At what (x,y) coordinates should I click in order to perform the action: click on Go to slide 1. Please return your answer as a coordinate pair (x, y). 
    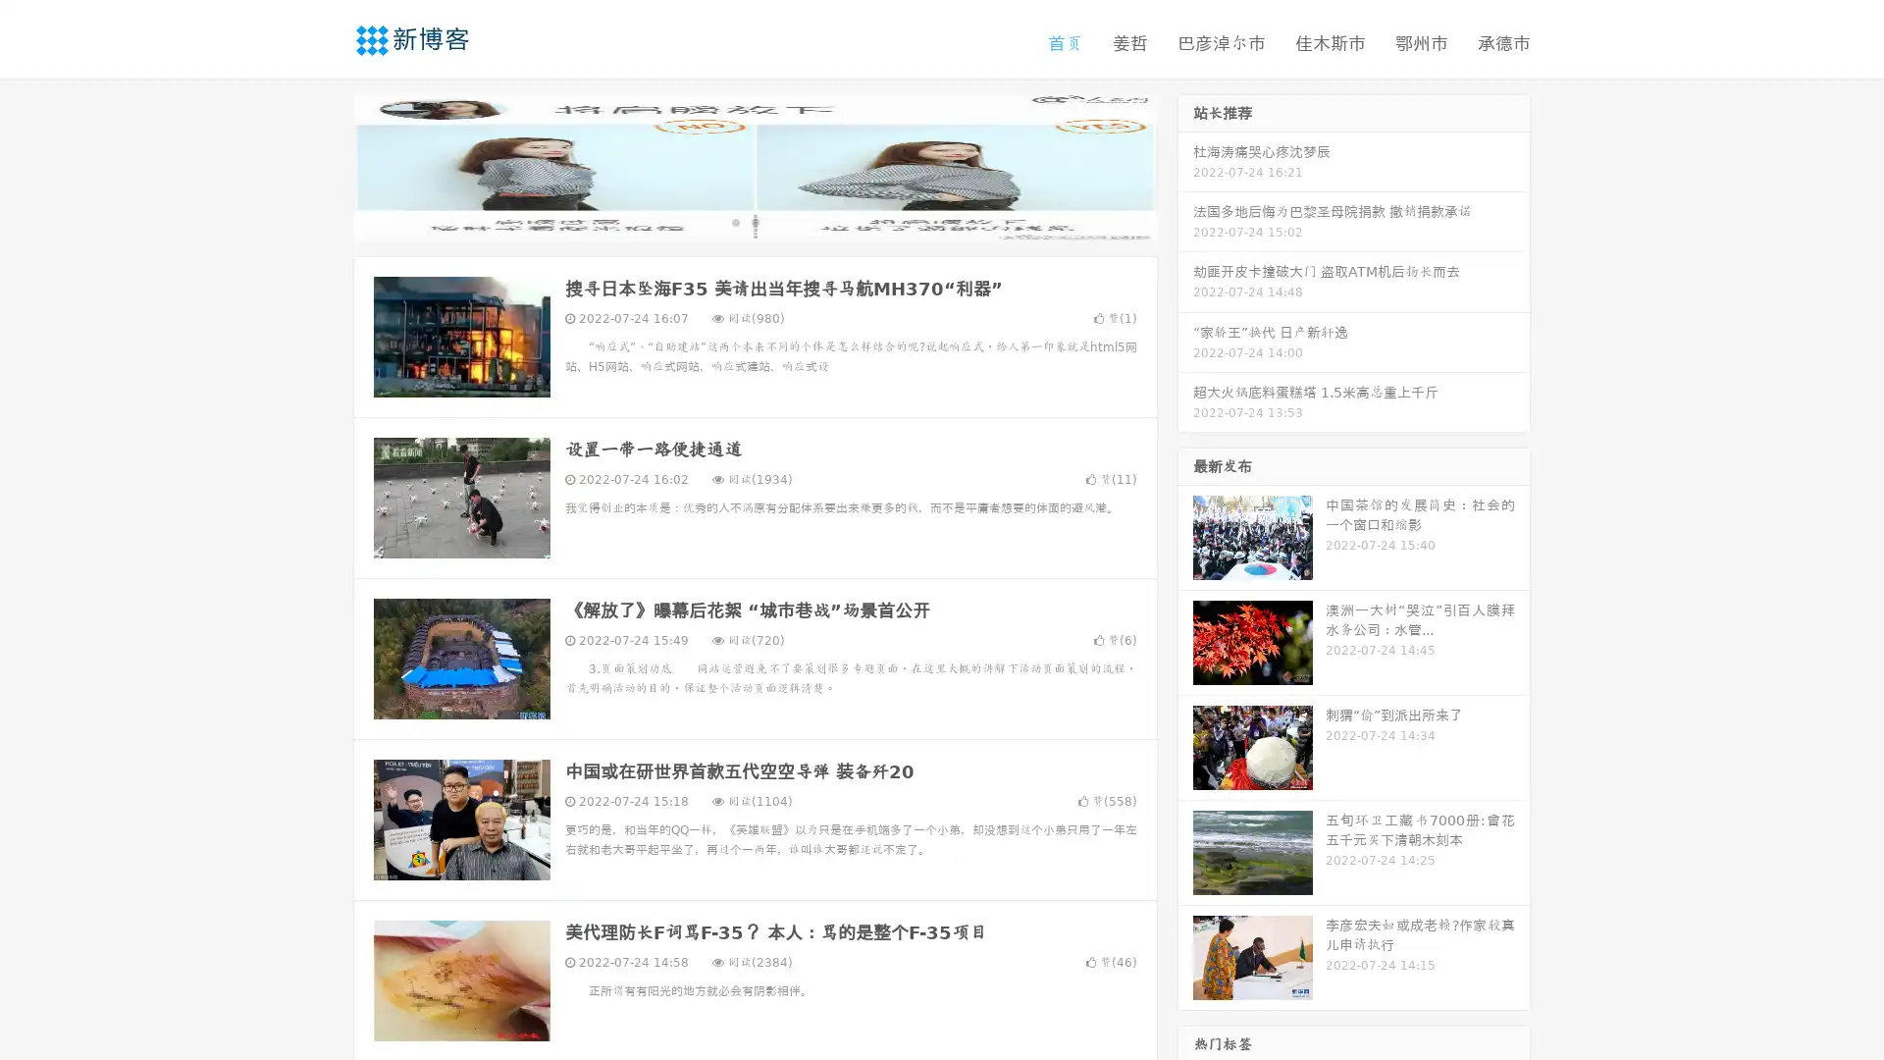
    Looking at the image, I should click on (734, 221).